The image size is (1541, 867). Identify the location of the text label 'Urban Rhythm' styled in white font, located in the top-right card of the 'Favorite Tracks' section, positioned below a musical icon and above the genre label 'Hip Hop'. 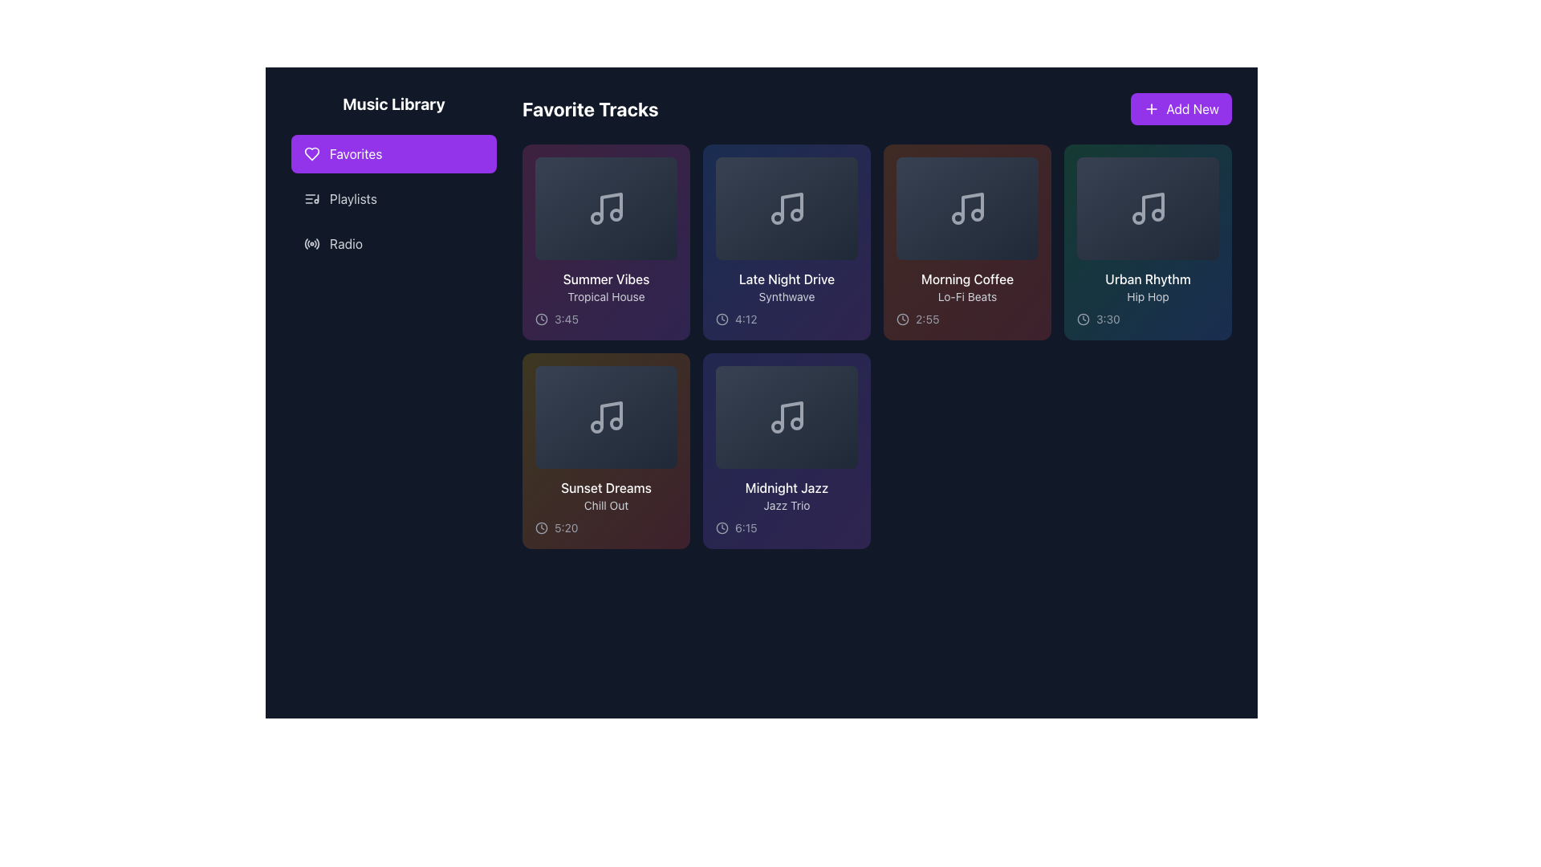
(1147, 278).